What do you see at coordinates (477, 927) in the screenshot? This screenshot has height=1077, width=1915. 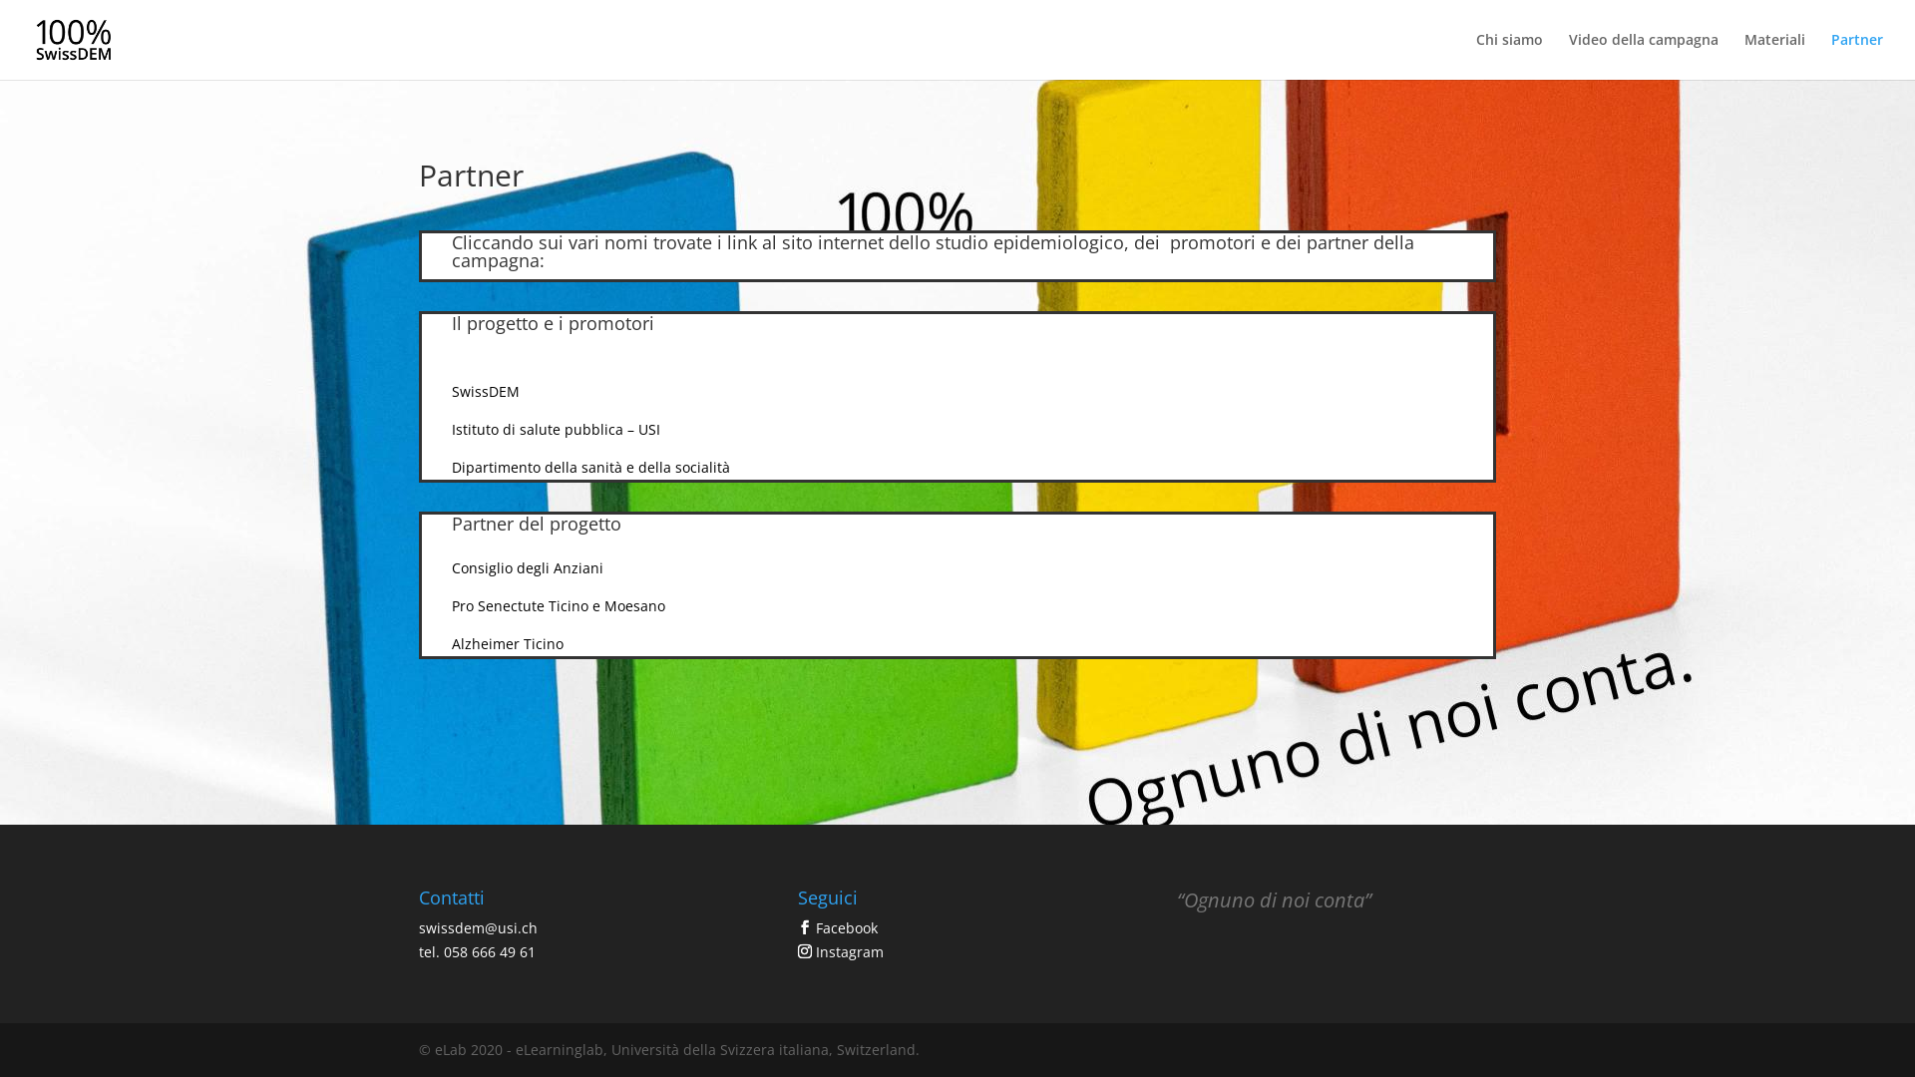 I see `'swissdem@usi.ch'` at bounding box center [477, 927].